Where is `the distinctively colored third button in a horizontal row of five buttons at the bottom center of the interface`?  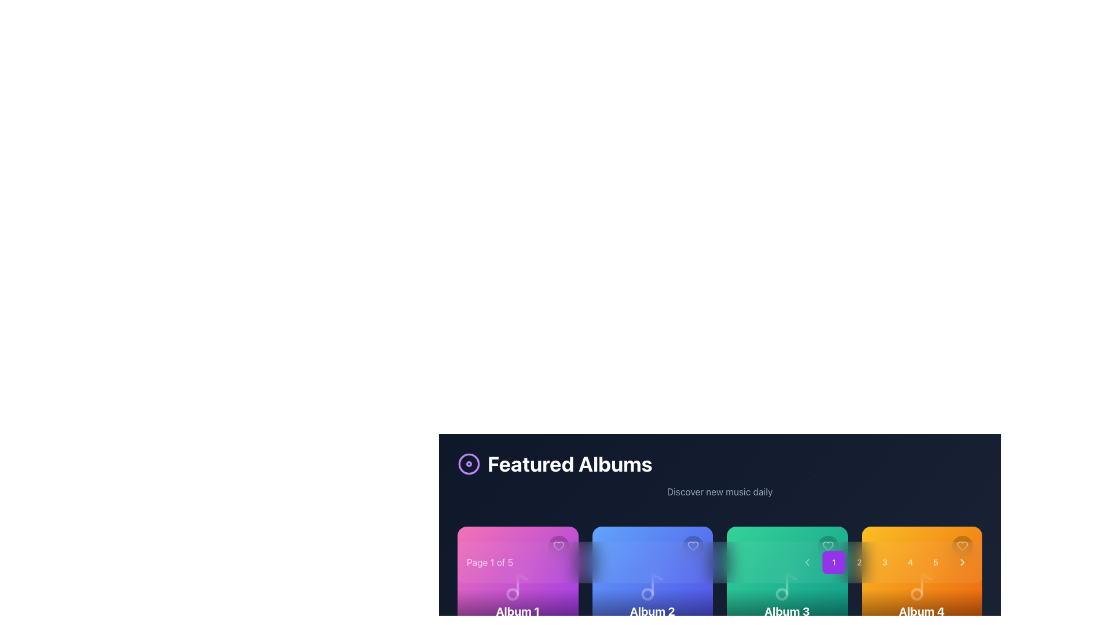
the distinctively colored third button in a horizontal row of five buttons at the bottom center of the interface is located at coordinates (884, 562).